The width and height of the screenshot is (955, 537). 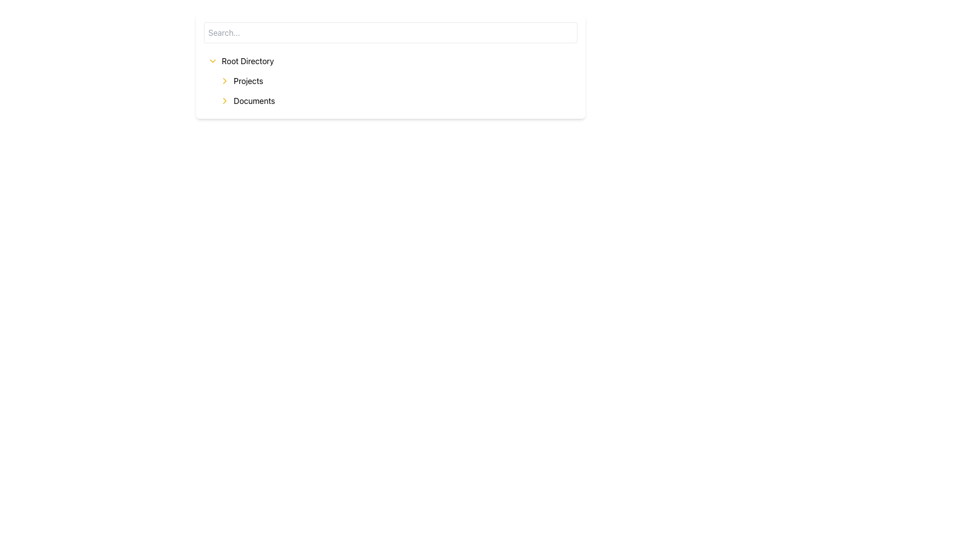 I want to click on the leftmost chevron arrow icon next to the 'Documents' text, so click(x=224, y=101).